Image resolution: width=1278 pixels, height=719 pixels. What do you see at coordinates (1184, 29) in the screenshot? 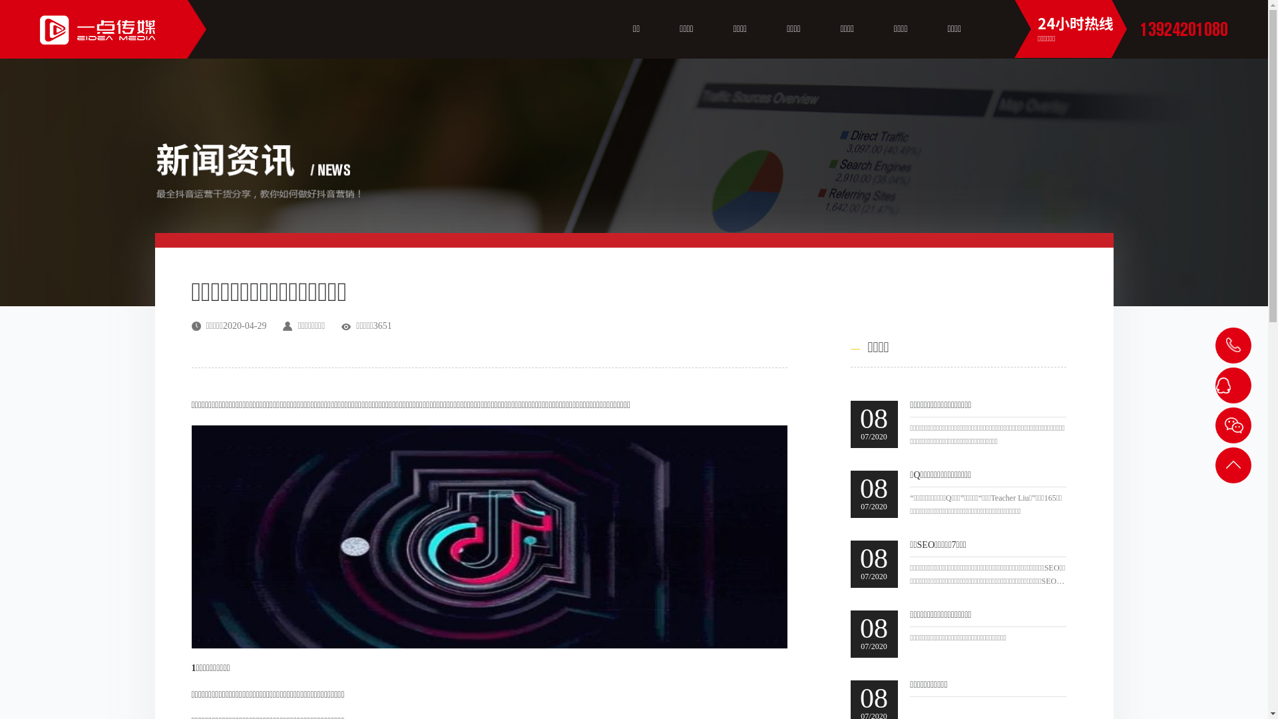
I see `'13924201080'` at bounding box center [1184, 29].